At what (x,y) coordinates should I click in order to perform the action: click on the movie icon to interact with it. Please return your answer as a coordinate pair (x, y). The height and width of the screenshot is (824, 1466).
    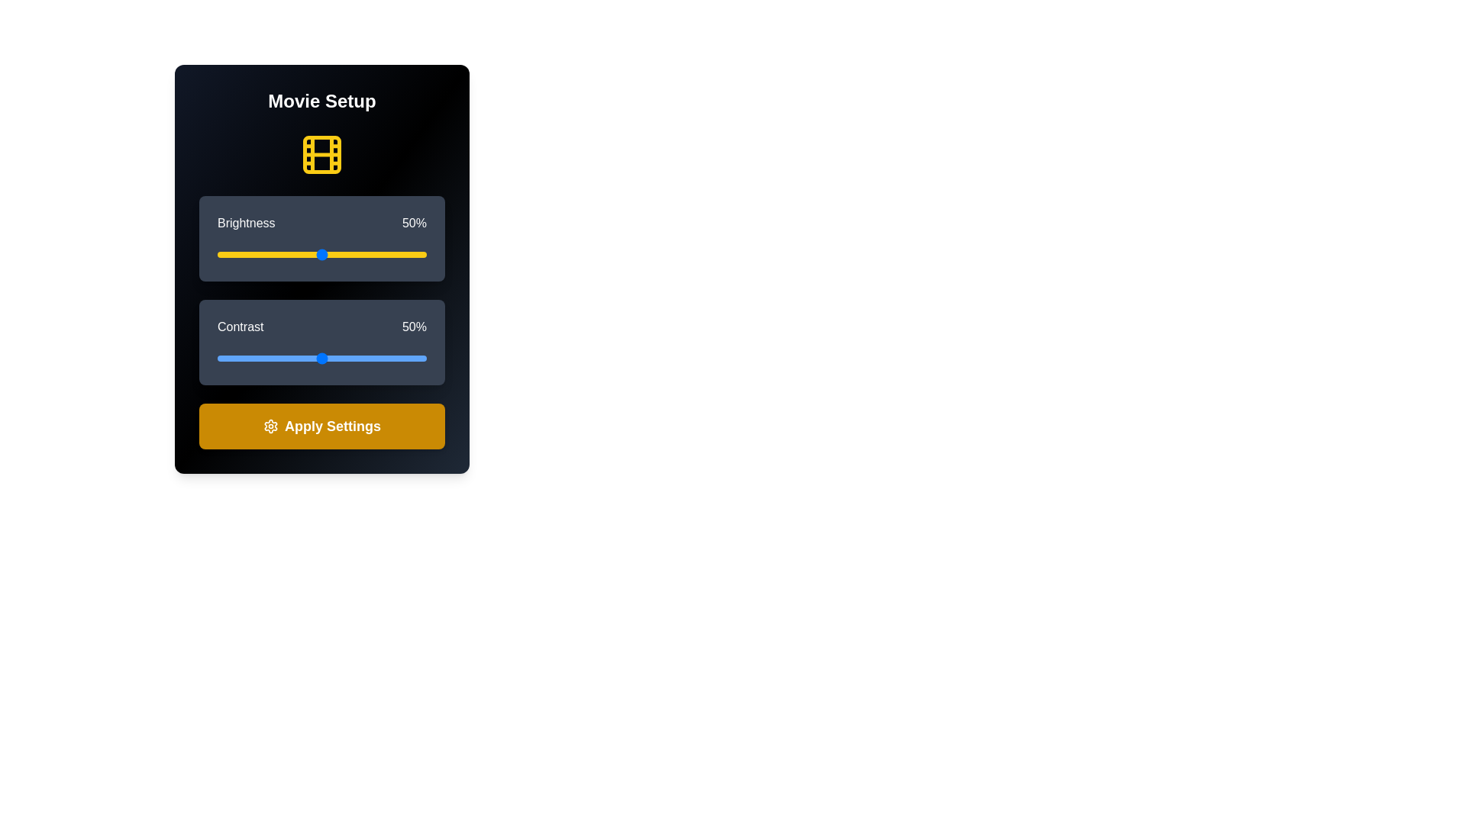
    Looking at the image, I should click on (321, 155).